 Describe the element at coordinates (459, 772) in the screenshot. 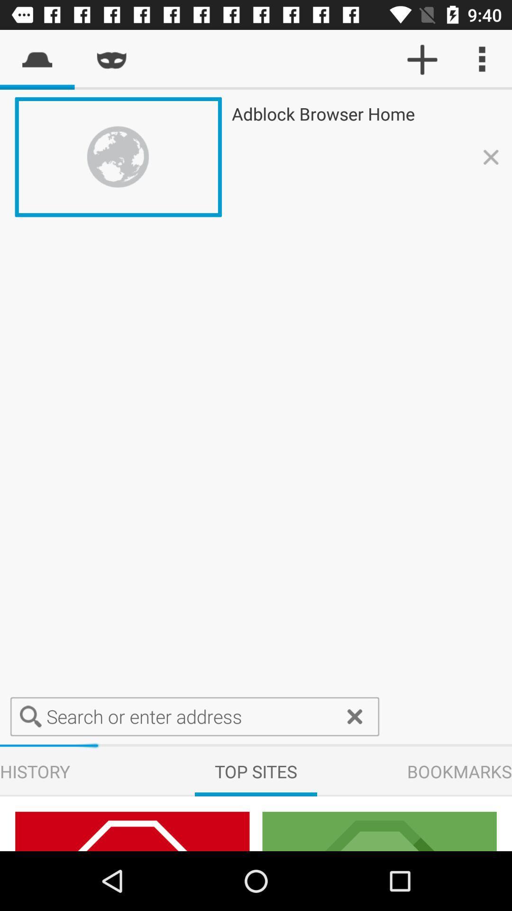

I see `bookmarks which is on the right side of top sites` at that location.